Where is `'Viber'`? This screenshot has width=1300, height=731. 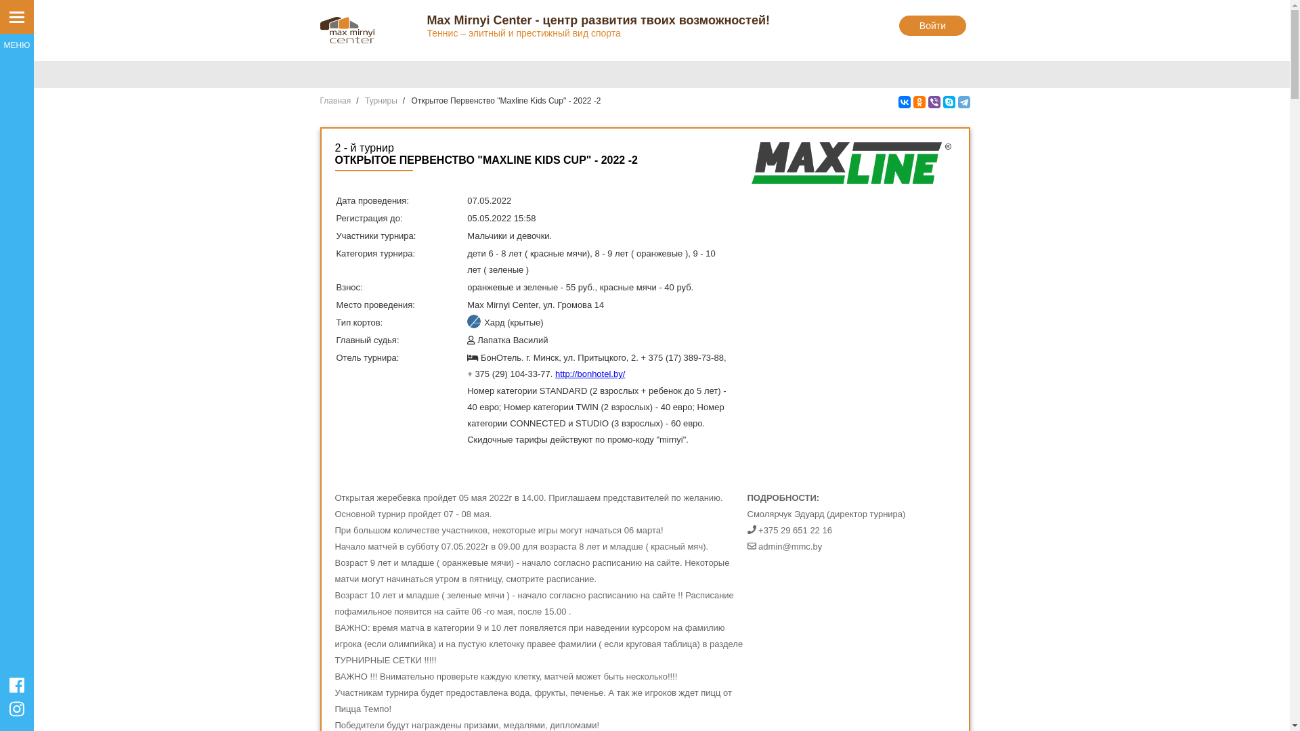
'Viber' is located at coordinates (932, 101).